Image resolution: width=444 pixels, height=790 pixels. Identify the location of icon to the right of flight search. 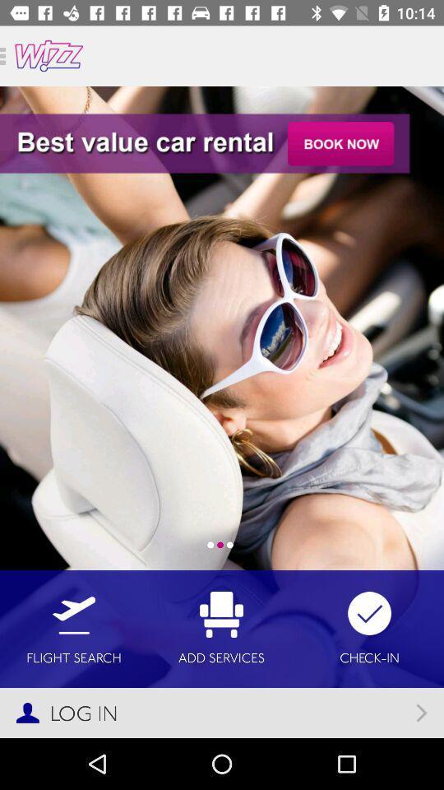
(221, 628).